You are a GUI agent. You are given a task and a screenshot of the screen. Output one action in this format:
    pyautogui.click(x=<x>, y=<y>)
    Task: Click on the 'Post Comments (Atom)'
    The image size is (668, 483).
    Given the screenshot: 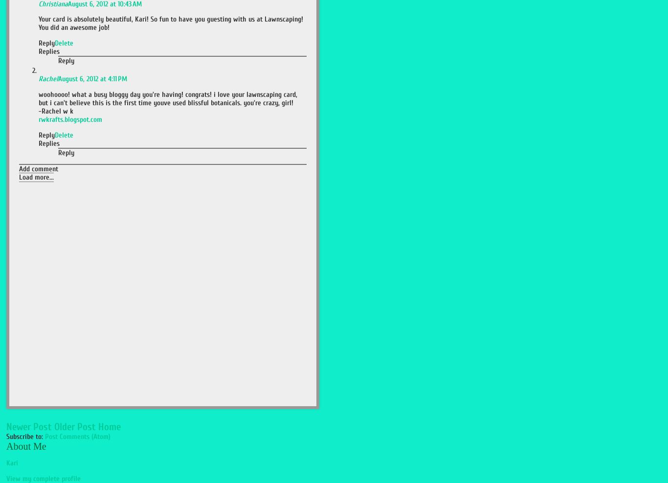 What is the action you would take?
    pyautogui.click(x=77, y=436)
    